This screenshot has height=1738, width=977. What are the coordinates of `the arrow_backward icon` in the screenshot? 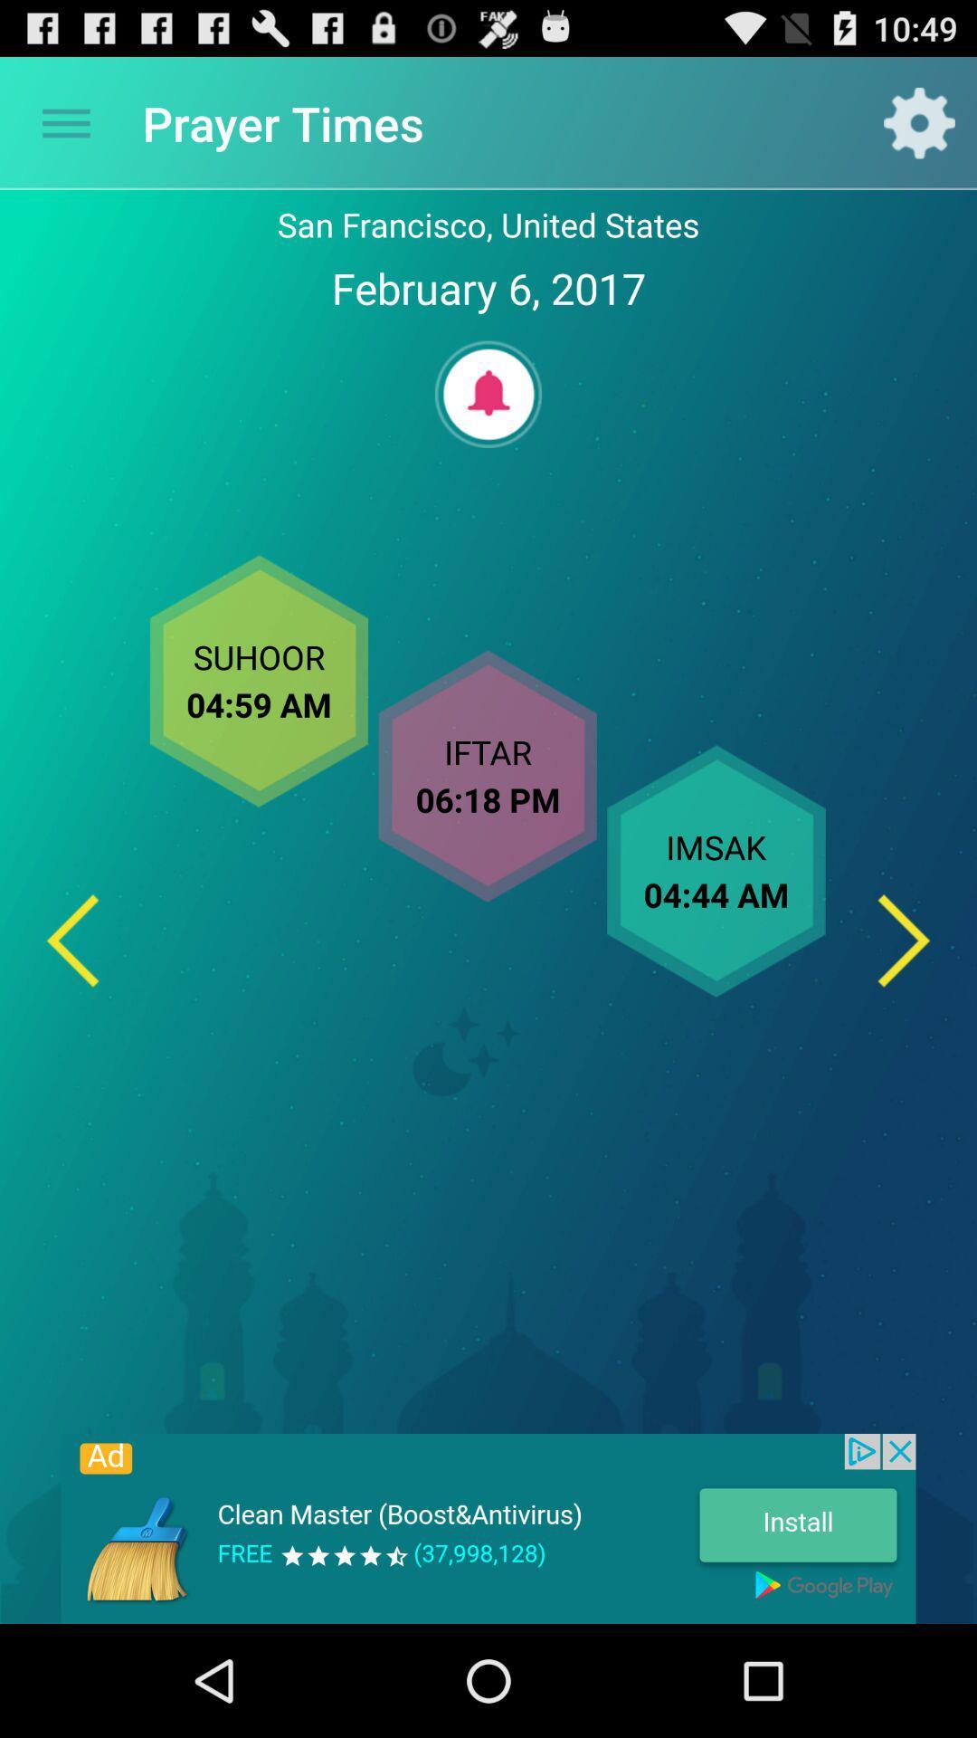 It's located at (71, 1006).